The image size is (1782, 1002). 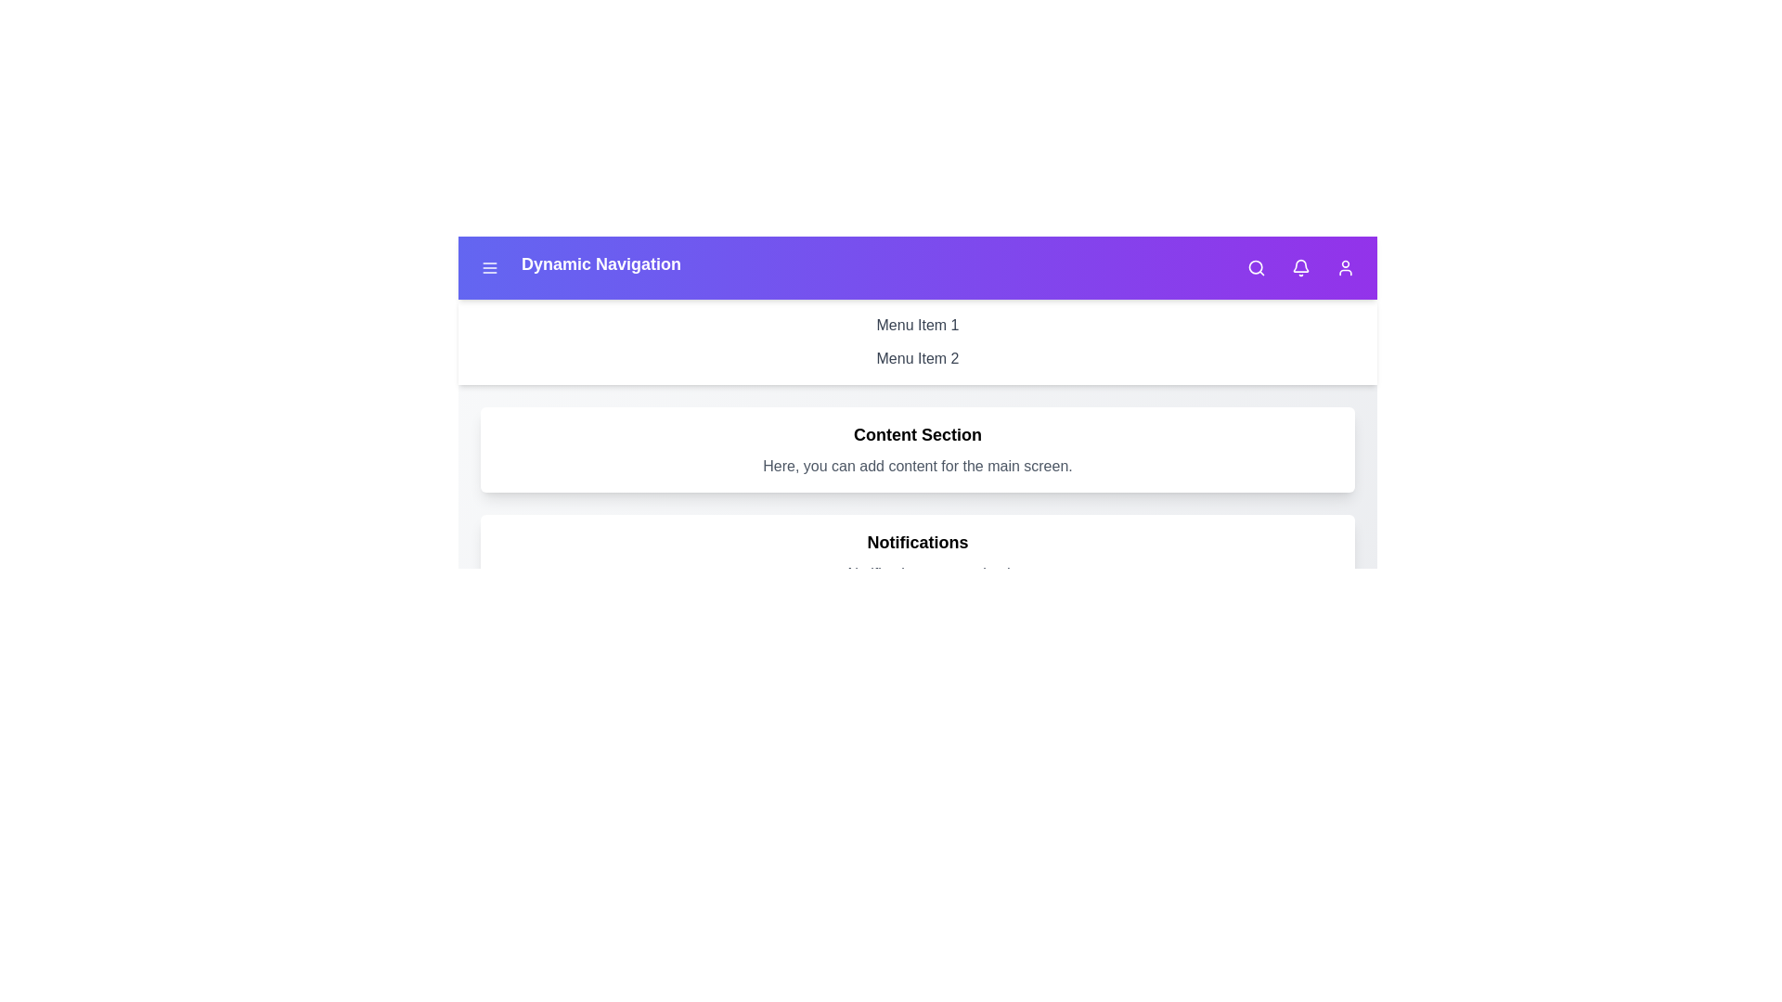 I want to click on the menu button to toggle the menu visibility, so click(x=490, y=268).